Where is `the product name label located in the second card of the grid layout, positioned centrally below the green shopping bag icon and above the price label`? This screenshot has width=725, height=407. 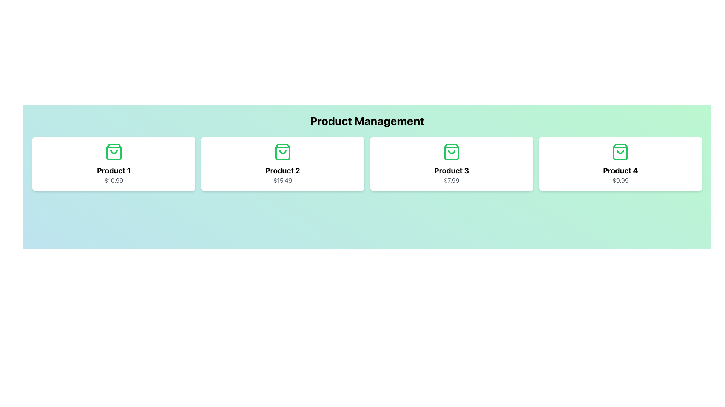 the product name label located in the second card of the grid layout, positioned centrally below the green shopping bag icon and above the price label is located at coordinates (282, 170).